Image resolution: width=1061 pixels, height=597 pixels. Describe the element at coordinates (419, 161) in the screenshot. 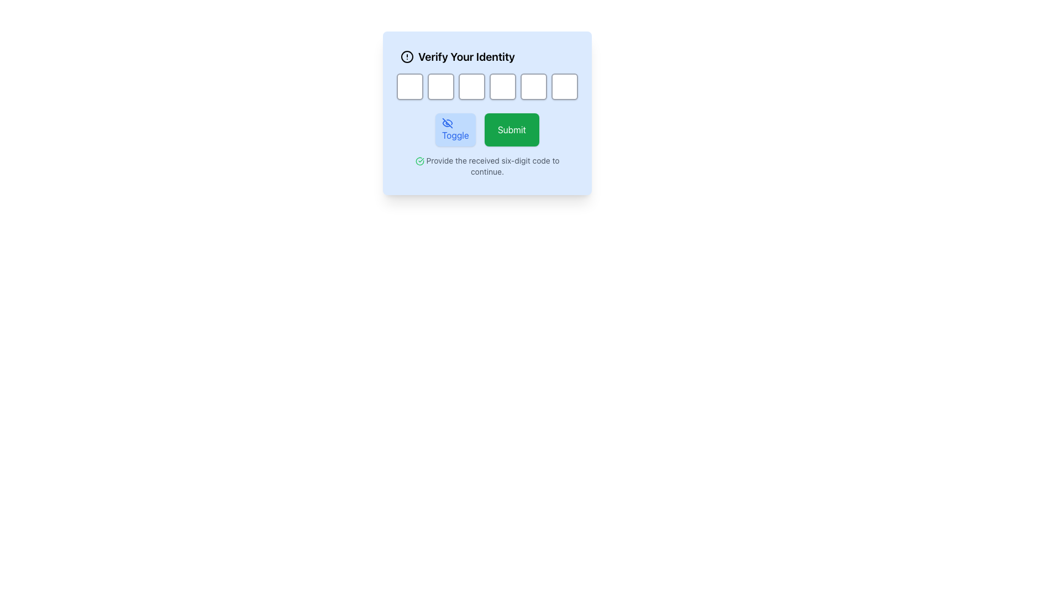

I see `the green check mark circular icon, which is located to the left of the instructional text 'Provide the received six-digit code to continue'` at that location.